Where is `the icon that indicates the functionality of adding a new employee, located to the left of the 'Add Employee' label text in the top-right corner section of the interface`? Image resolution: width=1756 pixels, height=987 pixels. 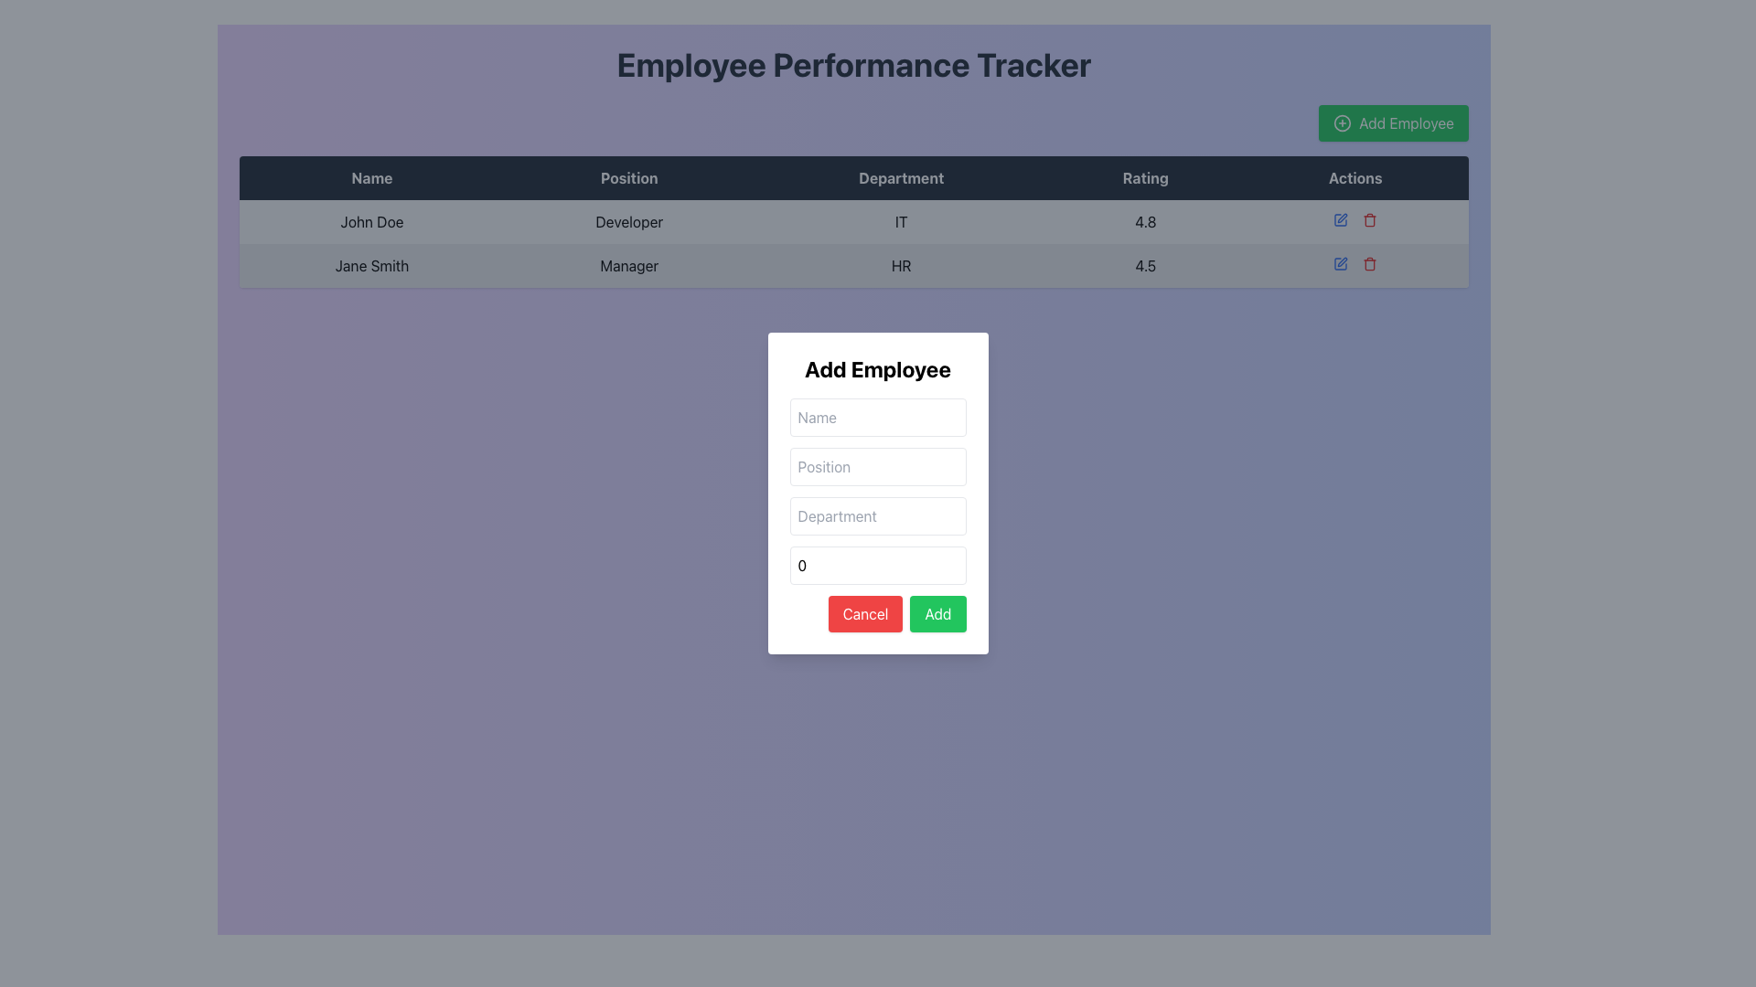 the icon that indicates the functionality of adding a new employee, located to the left of the 'Add Employee' label text in the top-right corner section of the interface is located at coordinates (1343, 123).